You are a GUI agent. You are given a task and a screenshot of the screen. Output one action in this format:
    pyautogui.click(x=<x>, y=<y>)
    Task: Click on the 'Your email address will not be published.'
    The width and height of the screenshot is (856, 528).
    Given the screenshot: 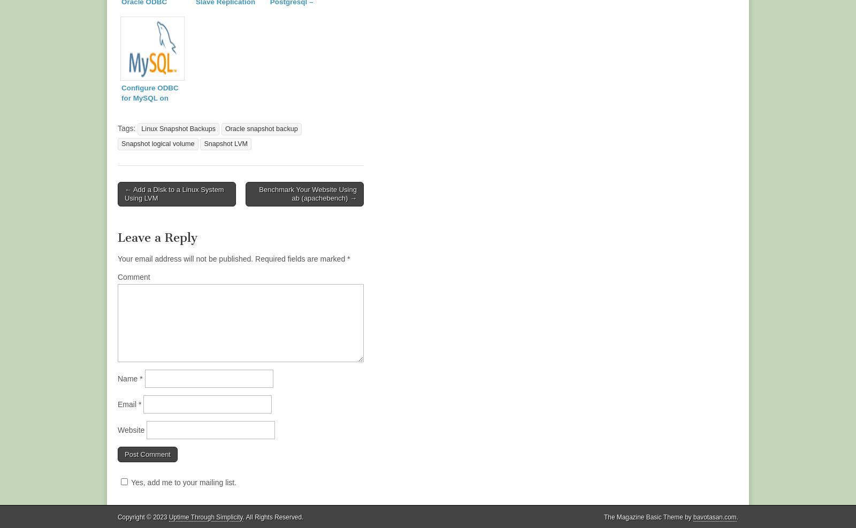 What is the action you would take?
    pyautogui.click(x=118, y=258)
    